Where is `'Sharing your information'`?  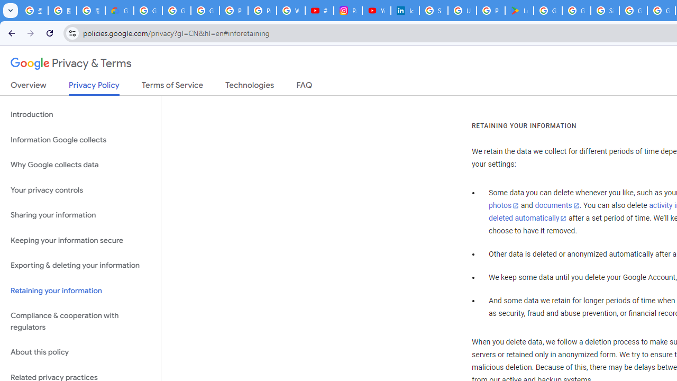 'Sharing your information' is located at coordinates (80, 215).